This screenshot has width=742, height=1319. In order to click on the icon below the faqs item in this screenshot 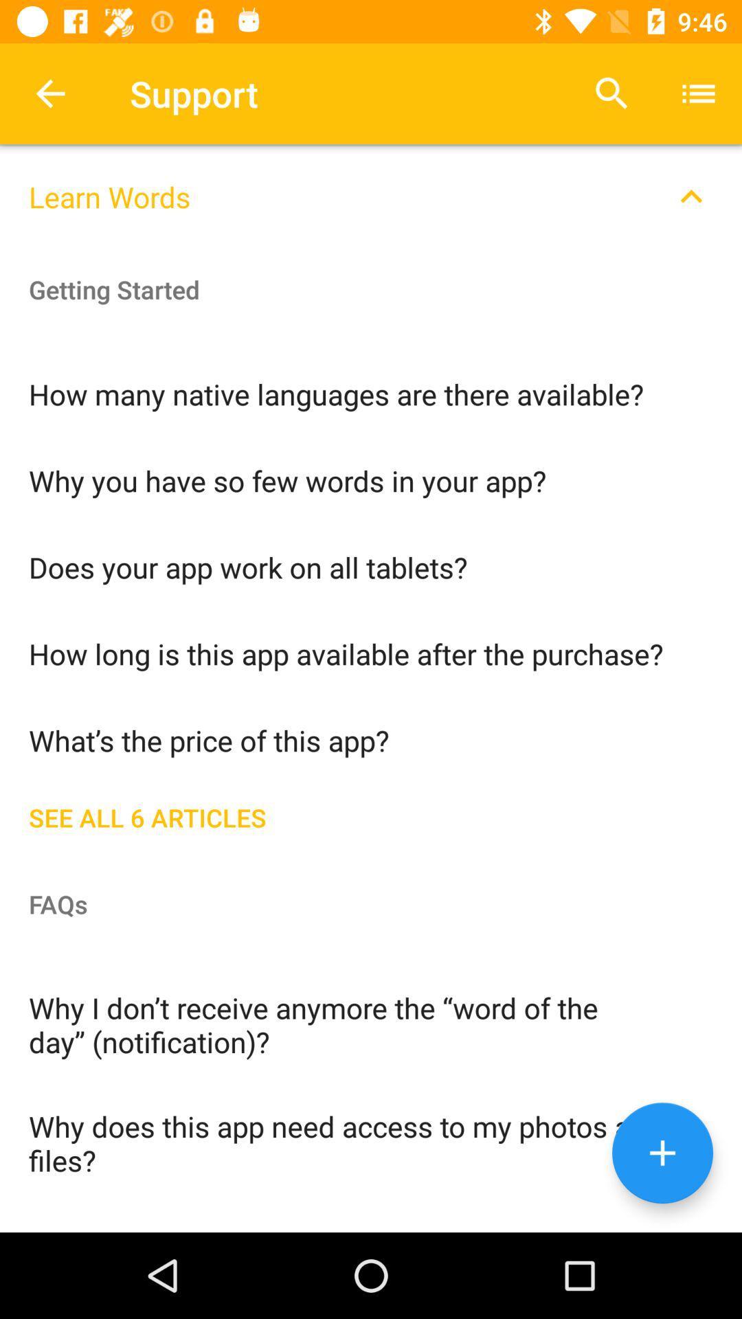, I will do `click(371, 1024)`.